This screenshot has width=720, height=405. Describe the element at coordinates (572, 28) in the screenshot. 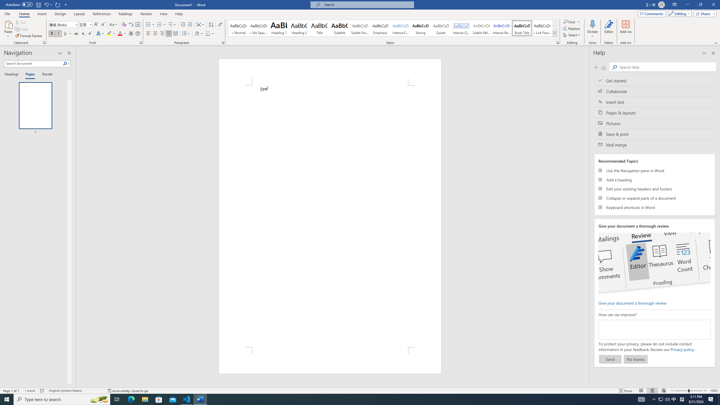

I see `'Replace...'` at that location.